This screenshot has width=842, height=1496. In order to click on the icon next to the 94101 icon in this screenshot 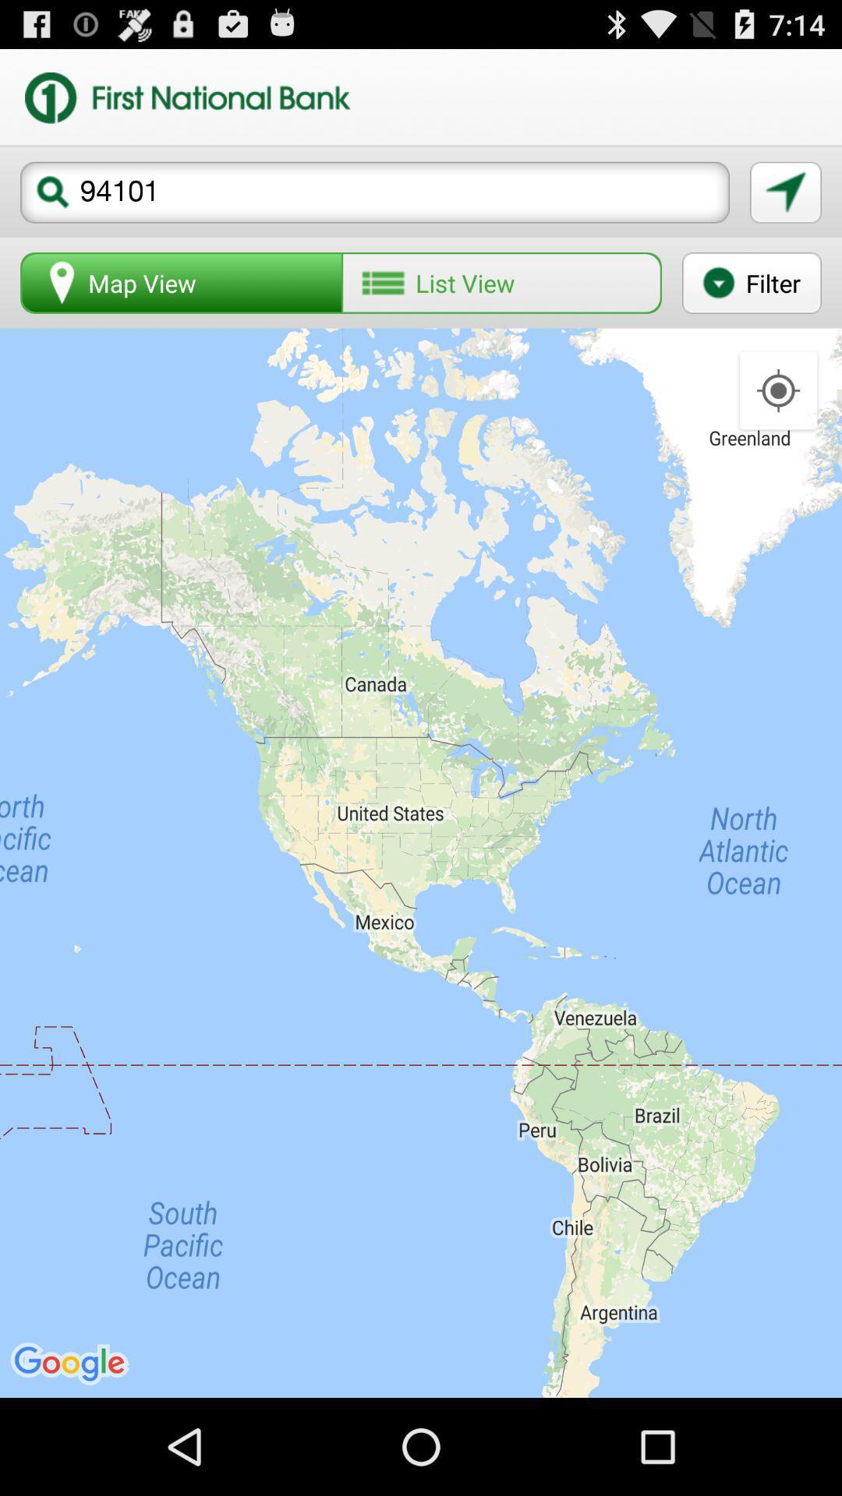, I will do `click(785, 192)`.